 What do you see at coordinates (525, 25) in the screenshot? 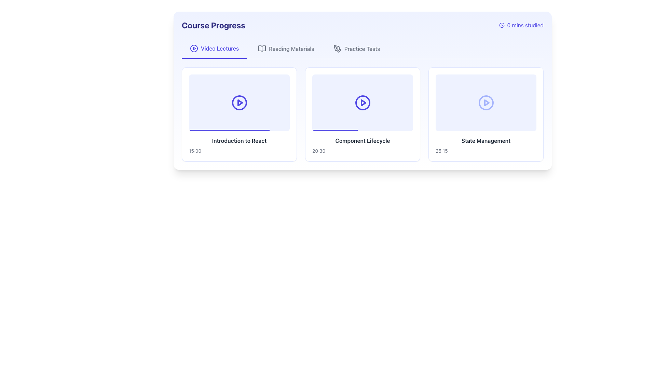
I see `the content of the Text display showing '0 mins studied' in indigo color, located adjacent to a clock icon in the 'Course Progress' section` at bounding box center [525, 25].